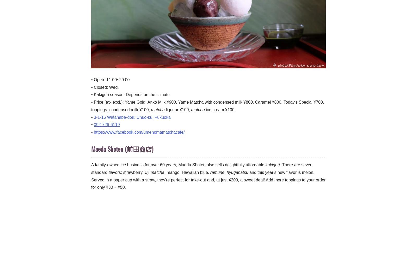 The image size is (417, 266). What do you see at coordinates (202, 168) in the screenshot?
I see `'. There are seven standard flavors: strawberry, Uji'` at bounding box center [202, 168].